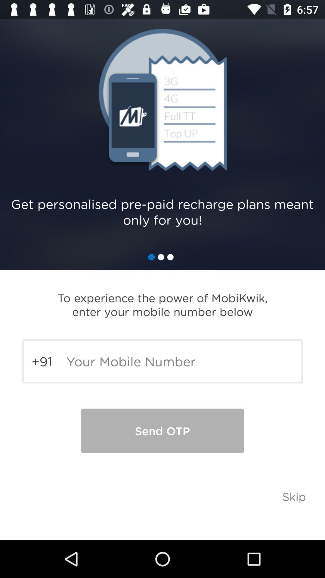 This screenshot has width=325, height=578. Describe the element at coordinates (162, 430) in the screenshot. I see `the send otp icon` at that location.